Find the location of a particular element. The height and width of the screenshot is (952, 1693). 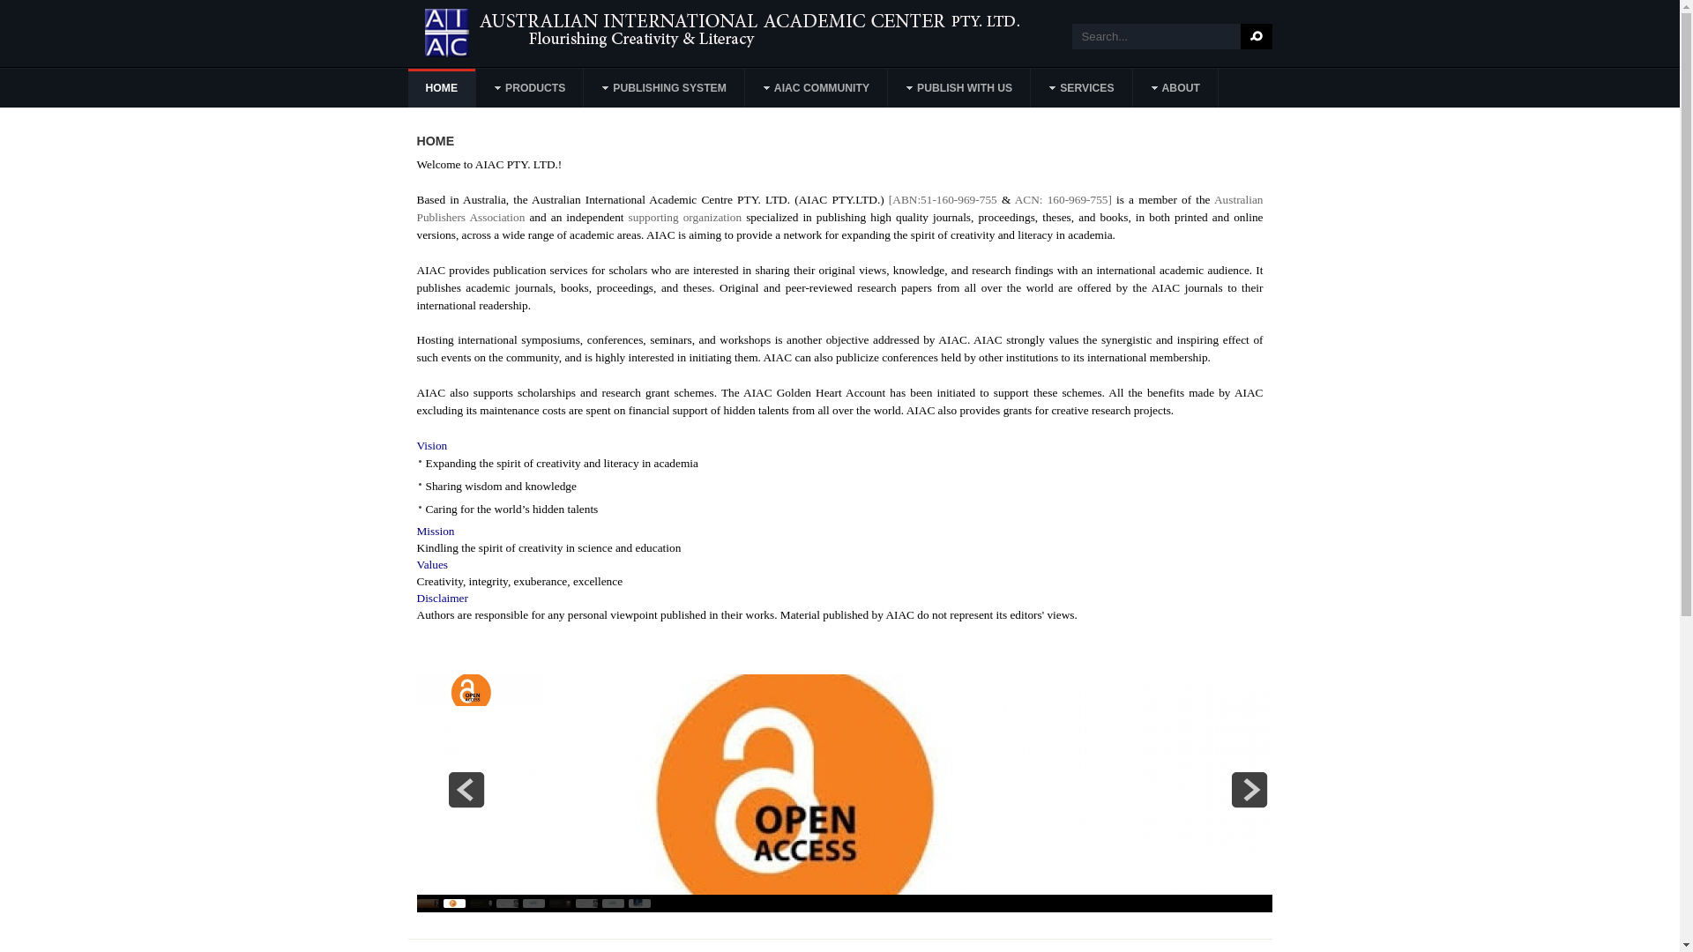

'SERVICES' is located at coordinates (1081, 88).